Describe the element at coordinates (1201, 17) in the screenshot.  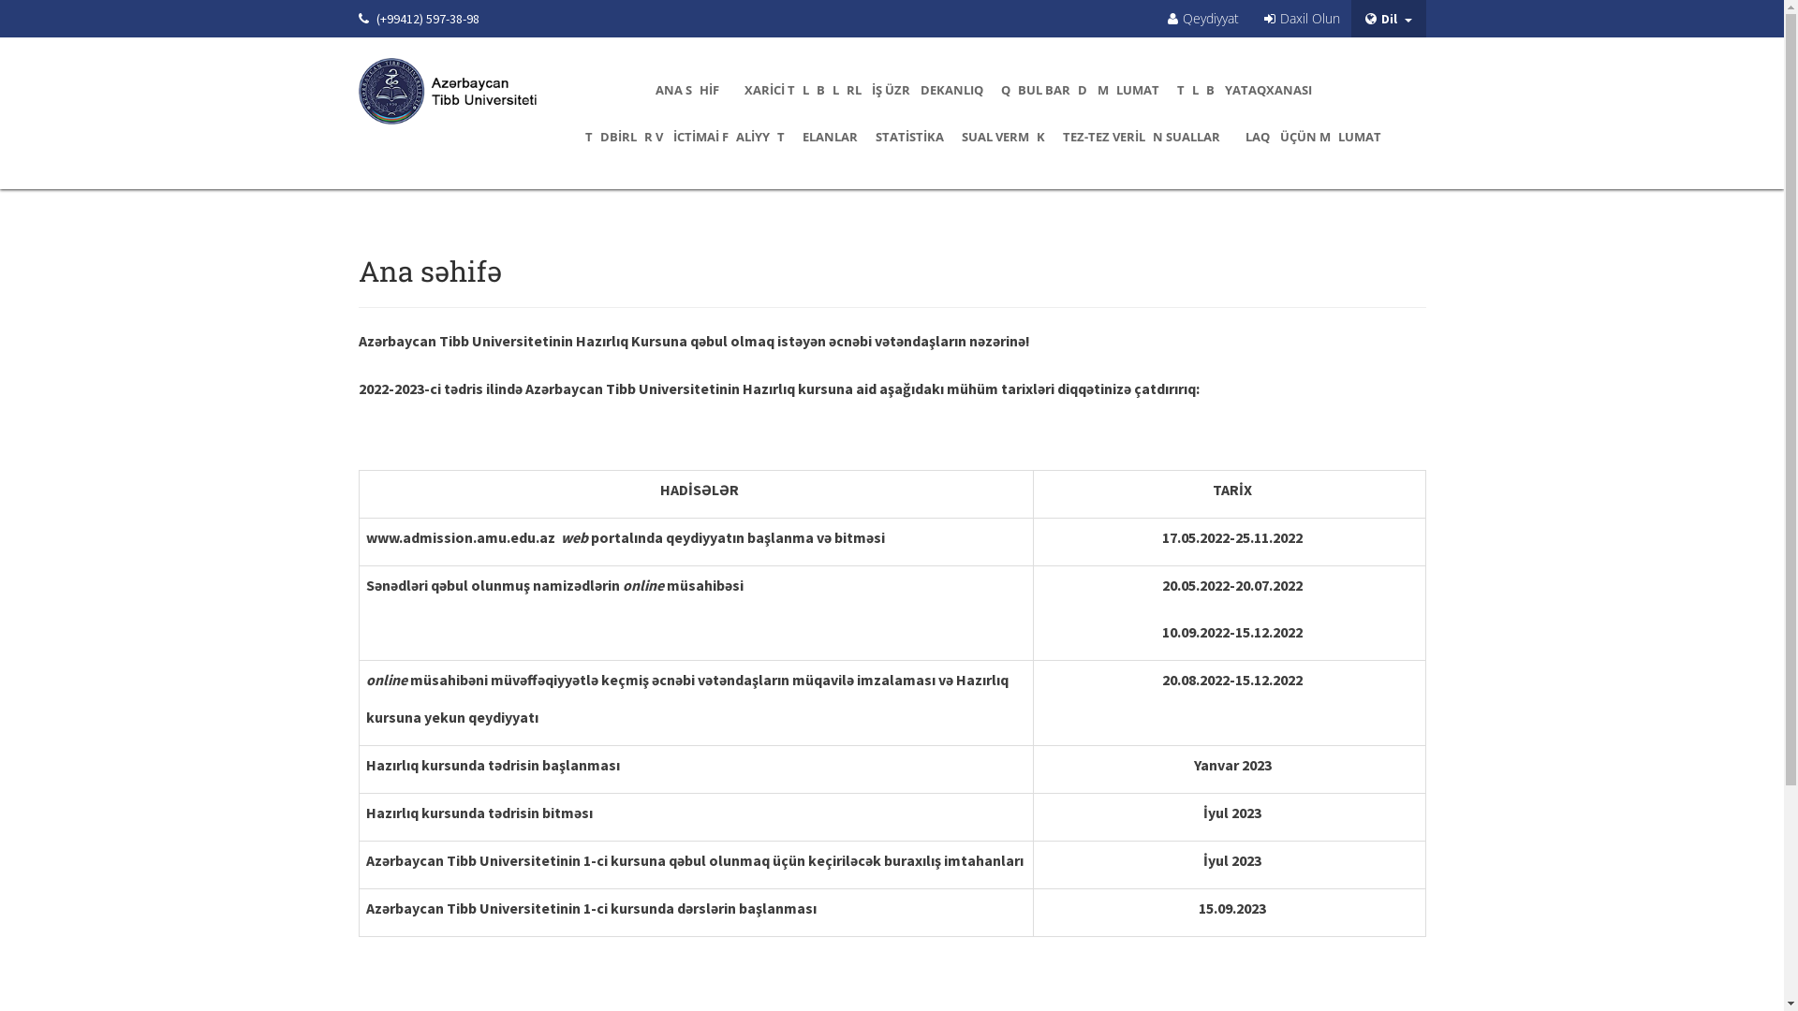
I see `'Qeydiyyat'` at that location.